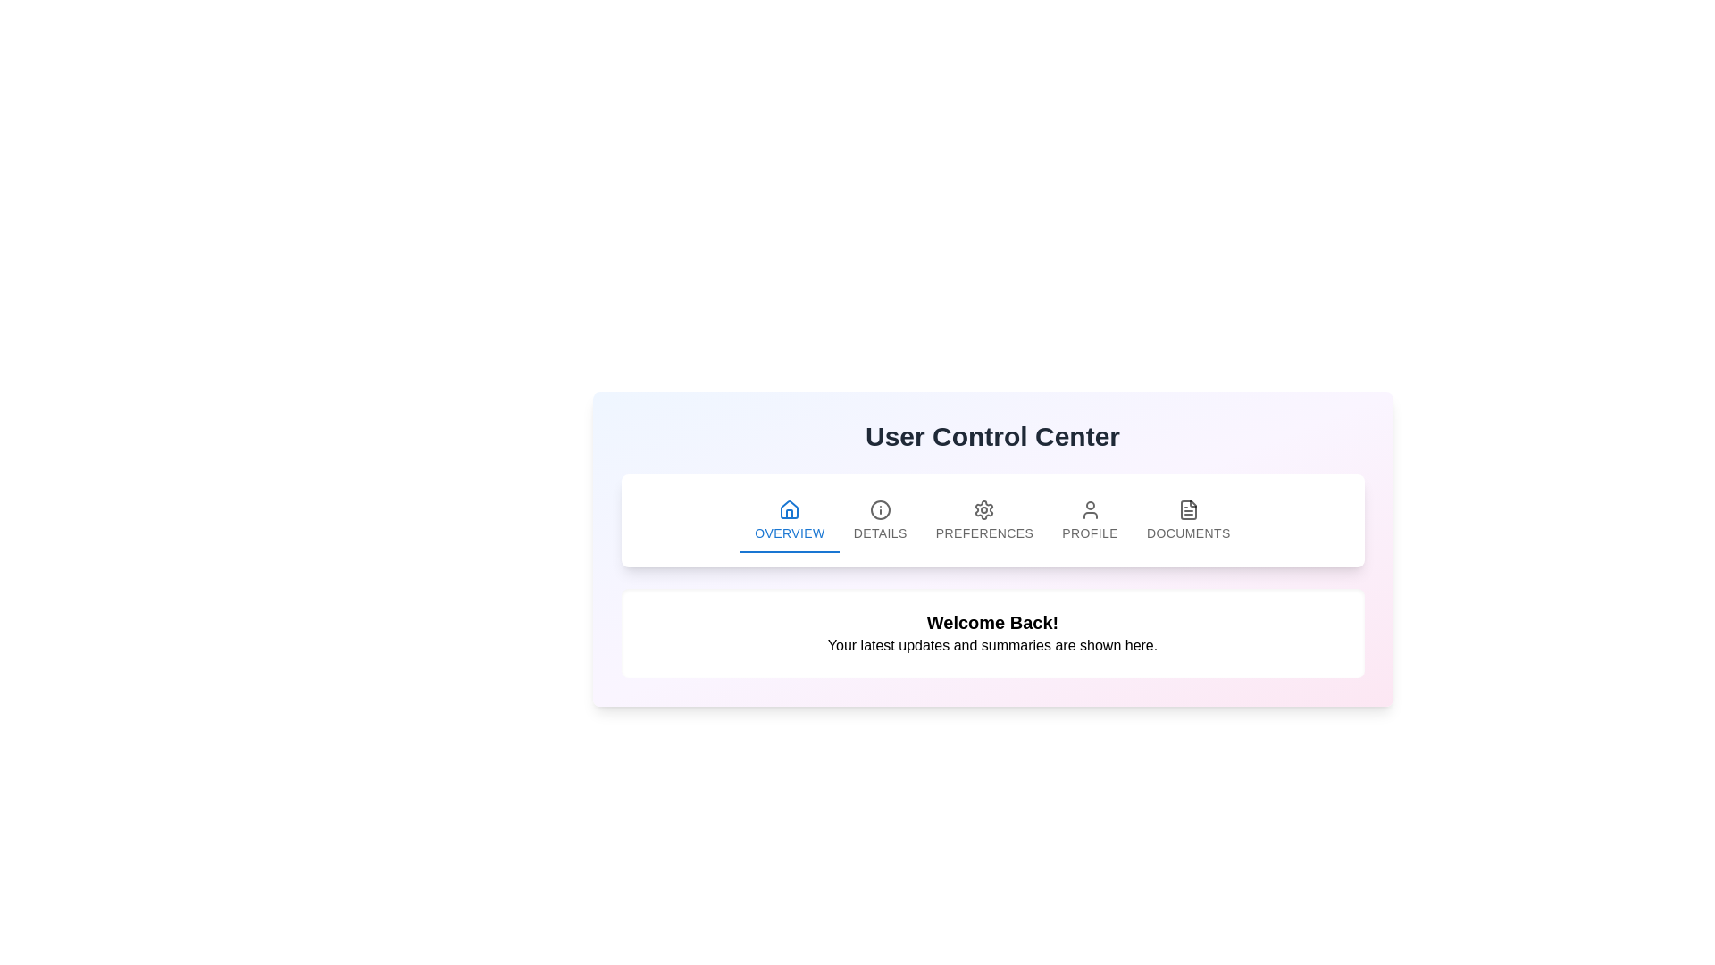  Describe the element at coordinates (789, 509) in the screenshot. I see `the 'Overview' icon in the navigation menu` at that location.